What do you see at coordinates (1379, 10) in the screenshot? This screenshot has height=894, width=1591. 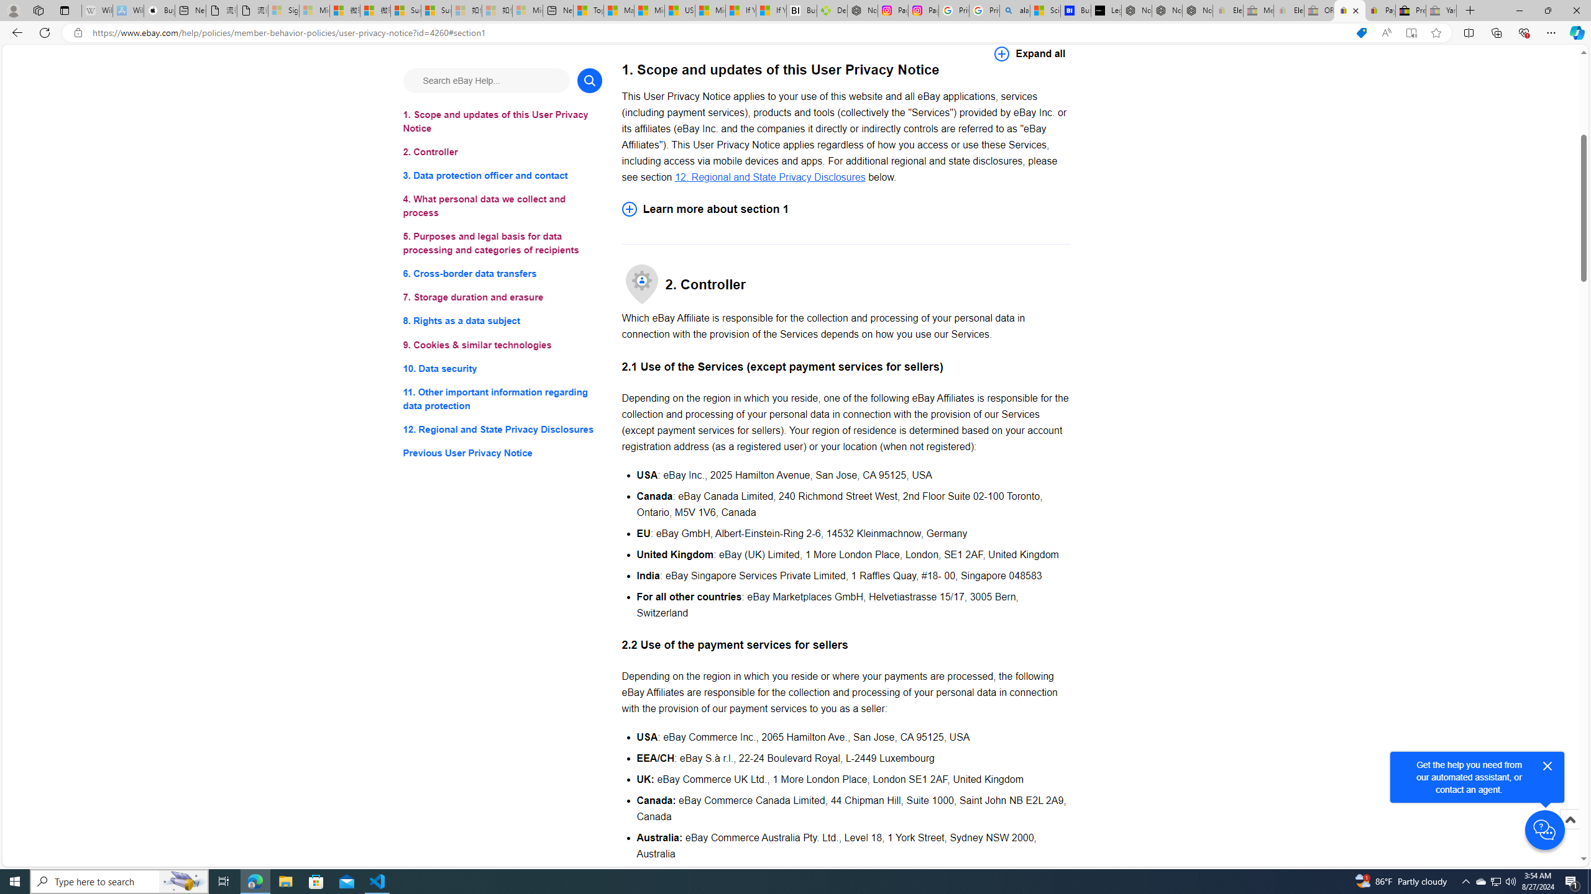 I see `'Payments Terms of Use | eBay.com'` at bounding box center [1379, 10].